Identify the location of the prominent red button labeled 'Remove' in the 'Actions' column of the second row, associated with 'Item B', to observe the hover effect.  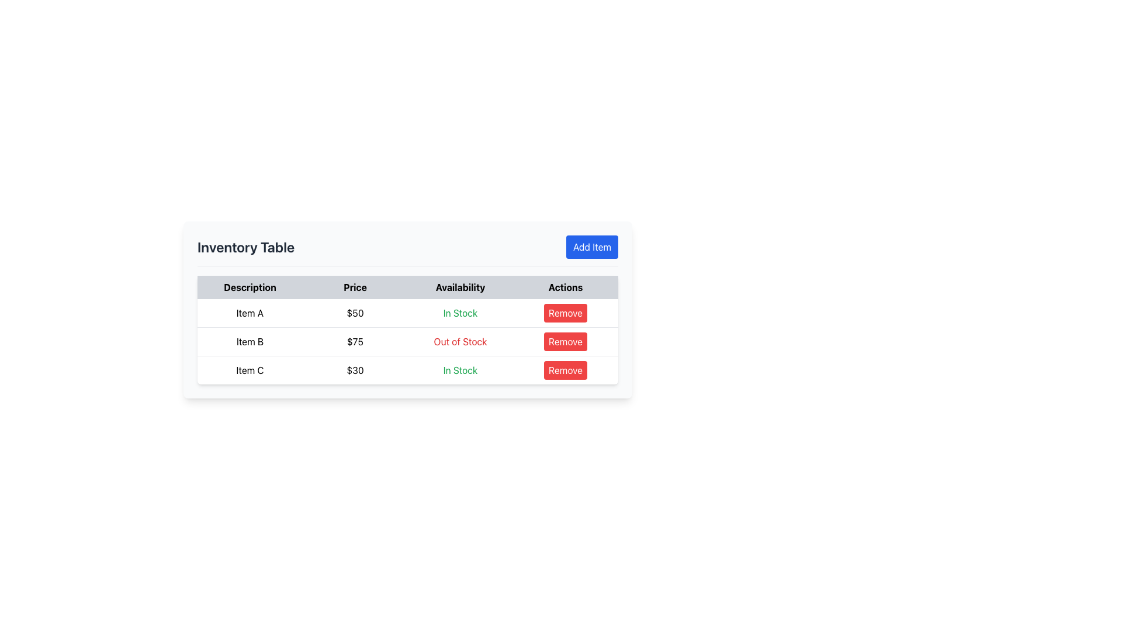
(566, 342).